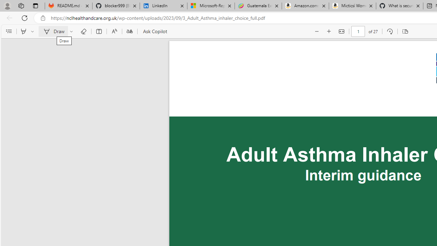 This screenshot has width=437, height=246. What do you see at coordinates (341, 31) in the screenshot?
I see `'Fit to width (Ctrl+\)'` at bounding box center [341, 31].